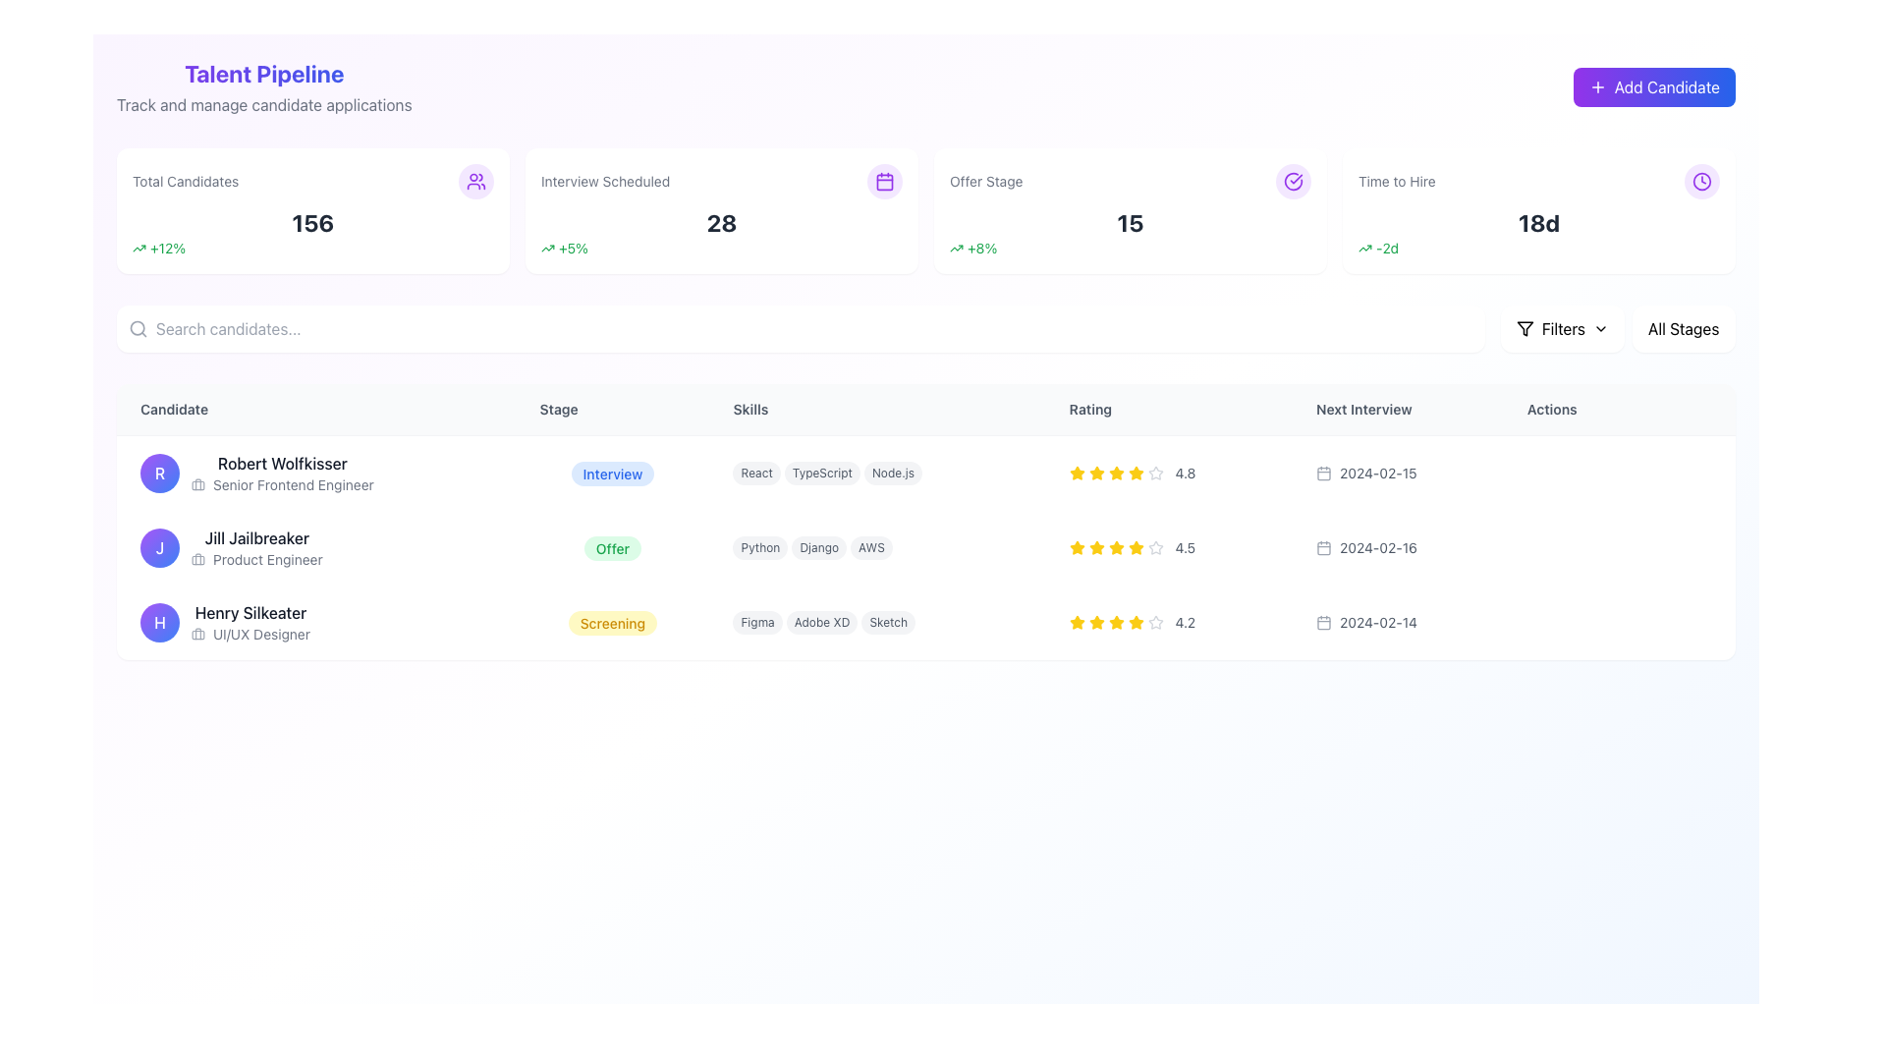 The image size is (1886, 1061). I want to click on the fifth star-shaped icon in the rating system under 'Henry Silkeater' to rate it, so click(1155, 622).